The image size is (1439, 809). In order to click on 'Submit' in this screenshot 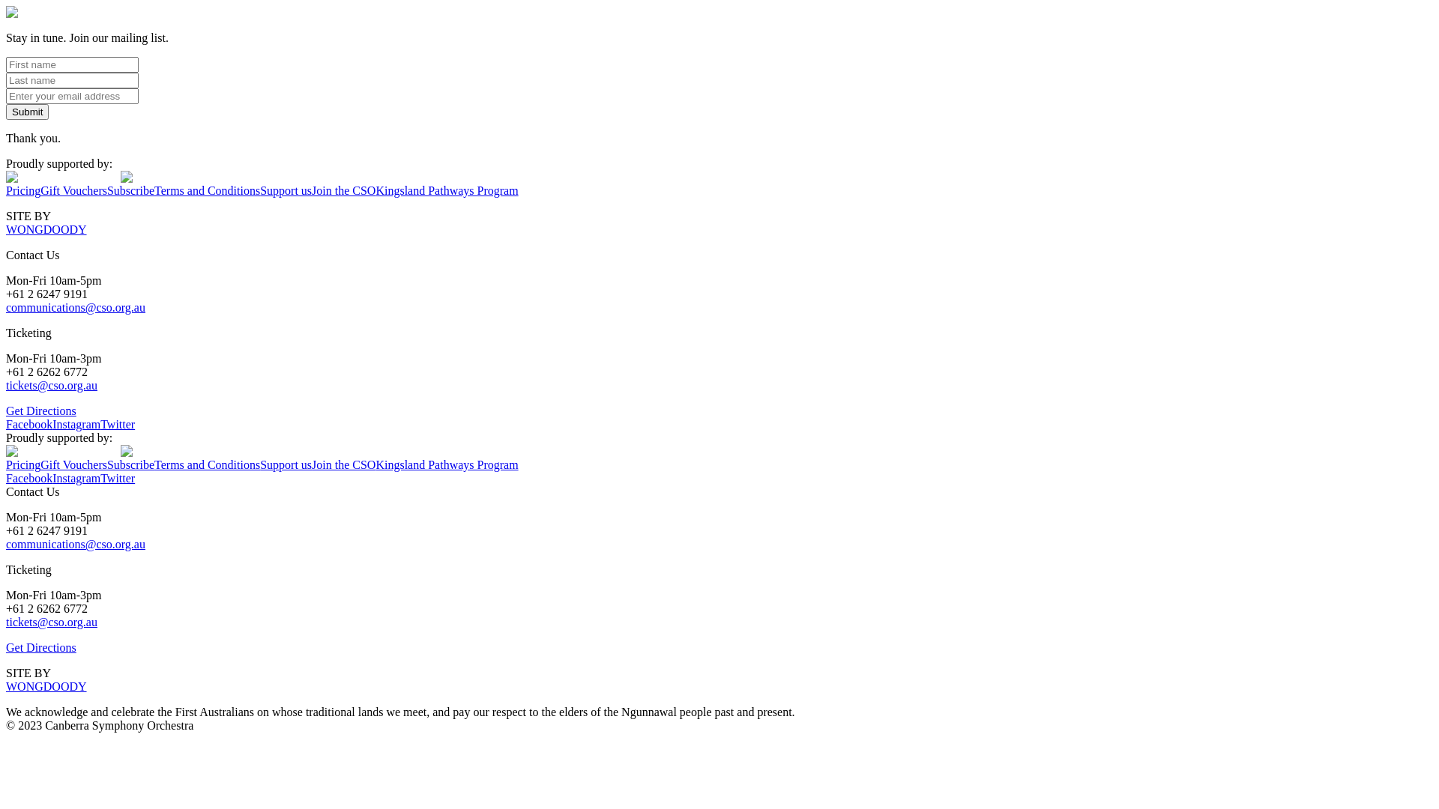, I will do `click(27, 111)`.